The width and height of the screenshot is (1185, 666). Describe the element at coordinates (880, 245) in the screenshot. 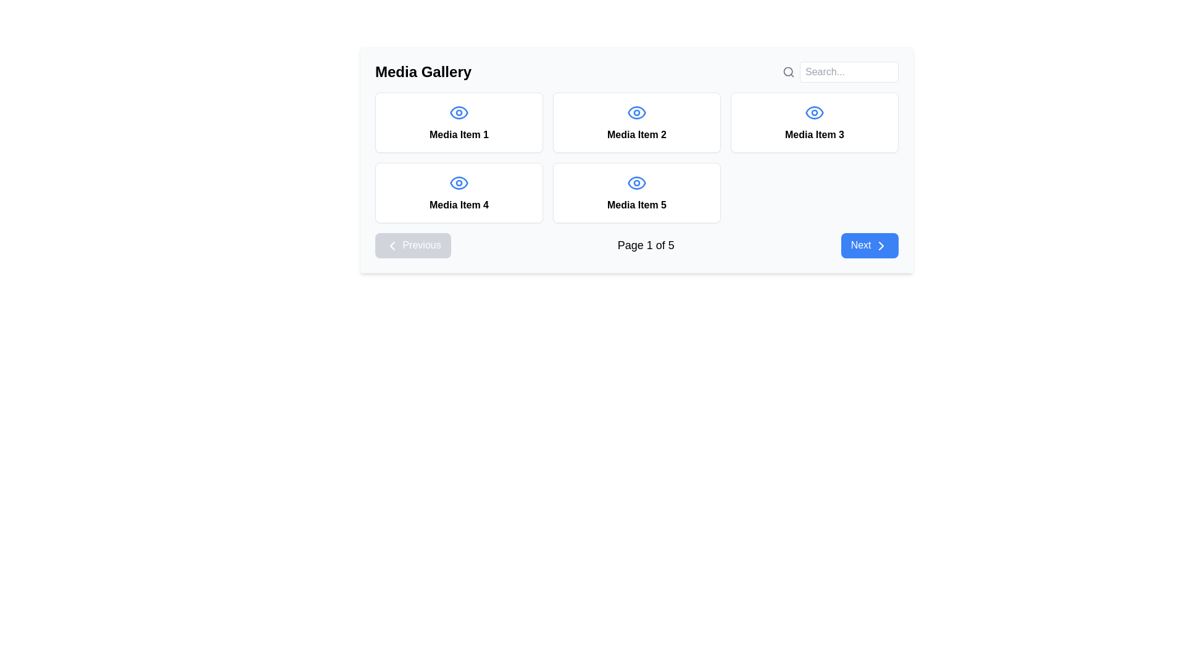

I see `the 'Next' button containing the rightward chevron arrow icon for keyboard navigation` at that location.